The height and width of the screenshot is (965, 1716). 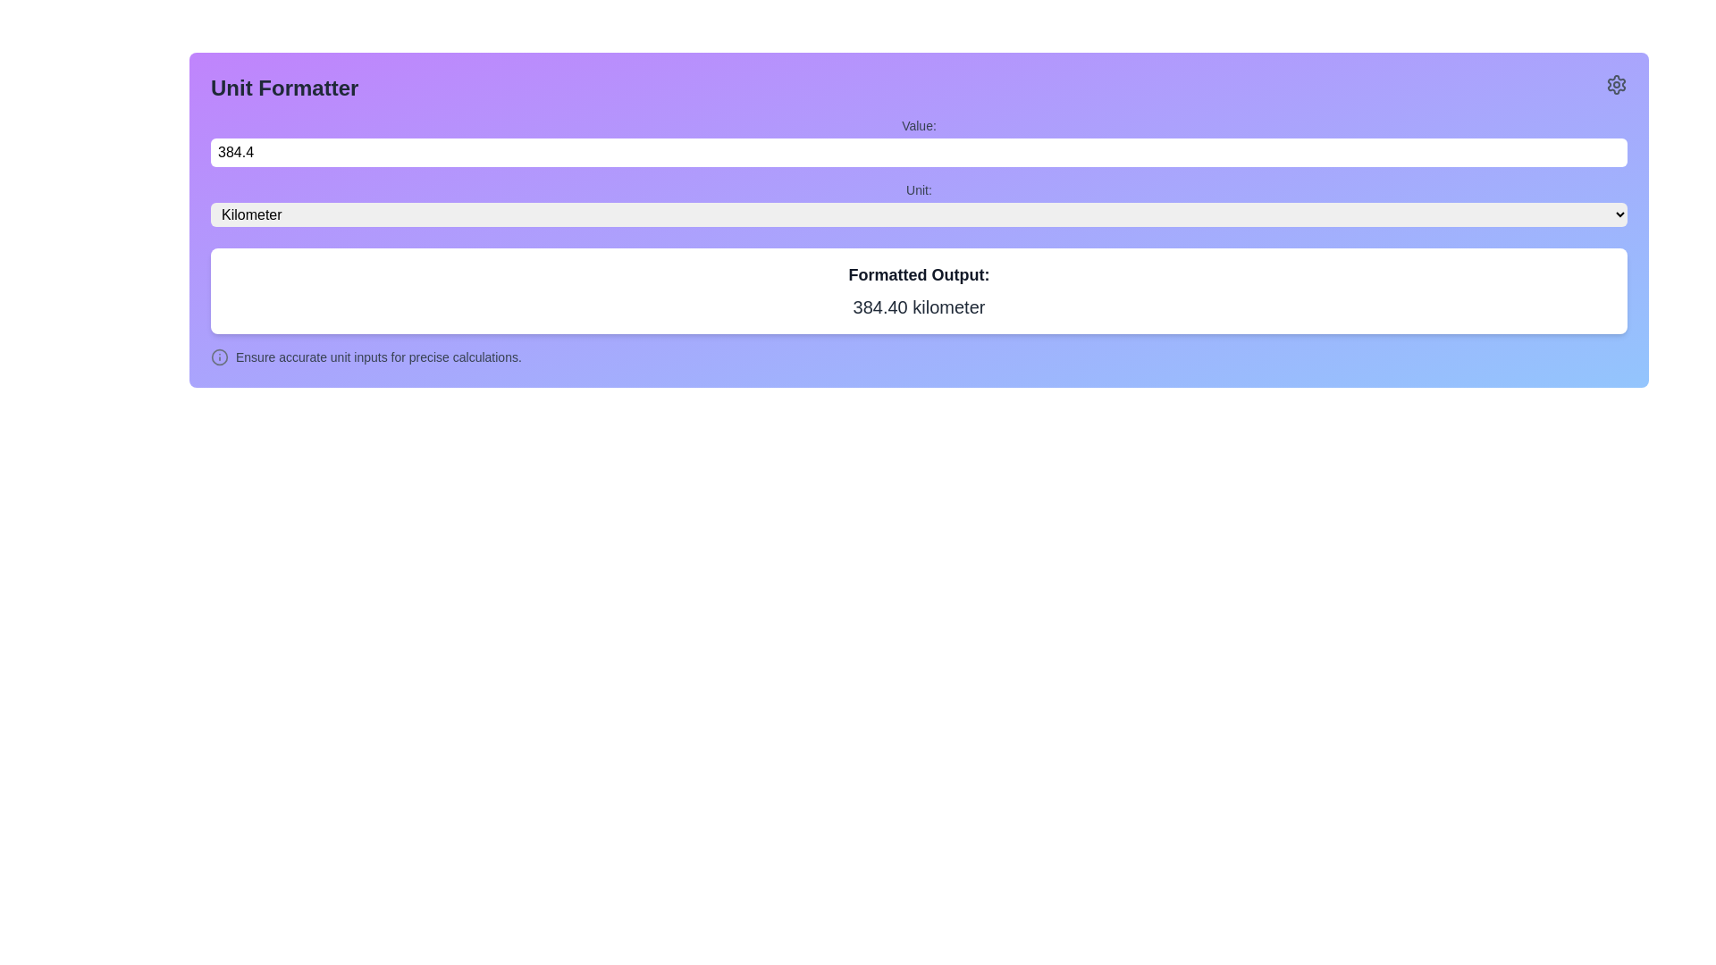 What do you see at coordinates (1617, 85) in the screenshot?
I see `the gear-shaped settings icon located in the header of the interface` at bounding box center [1617, 85].